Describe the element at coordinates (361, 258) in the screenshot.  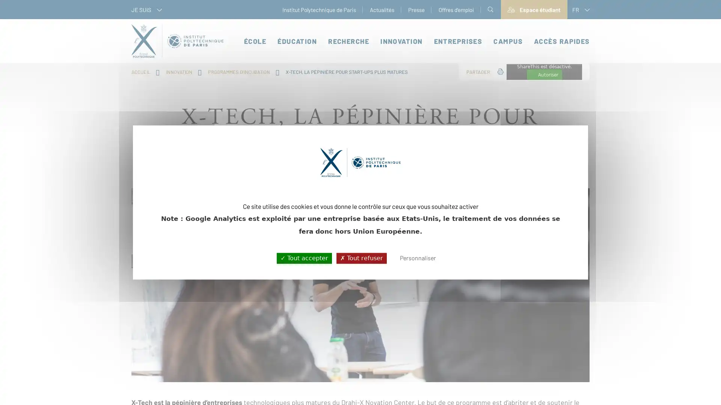
I see `Tout refuser` at that location.